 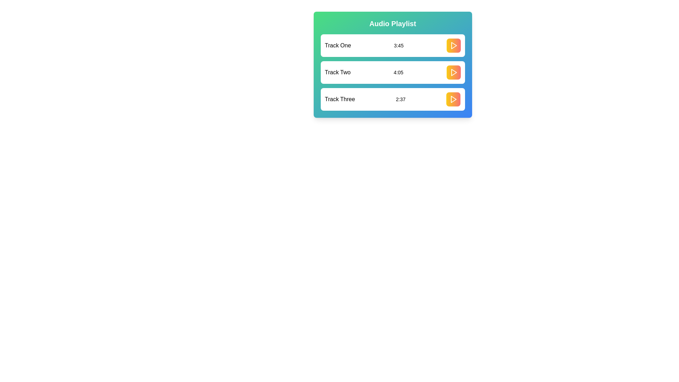 What do you see at coordinates (399, 72) in the screenshot?
I see `the Text label displaying '4:05' in the second row of the track items list aligned to the right of 'Track Two'` at bounding box center [399, 72].